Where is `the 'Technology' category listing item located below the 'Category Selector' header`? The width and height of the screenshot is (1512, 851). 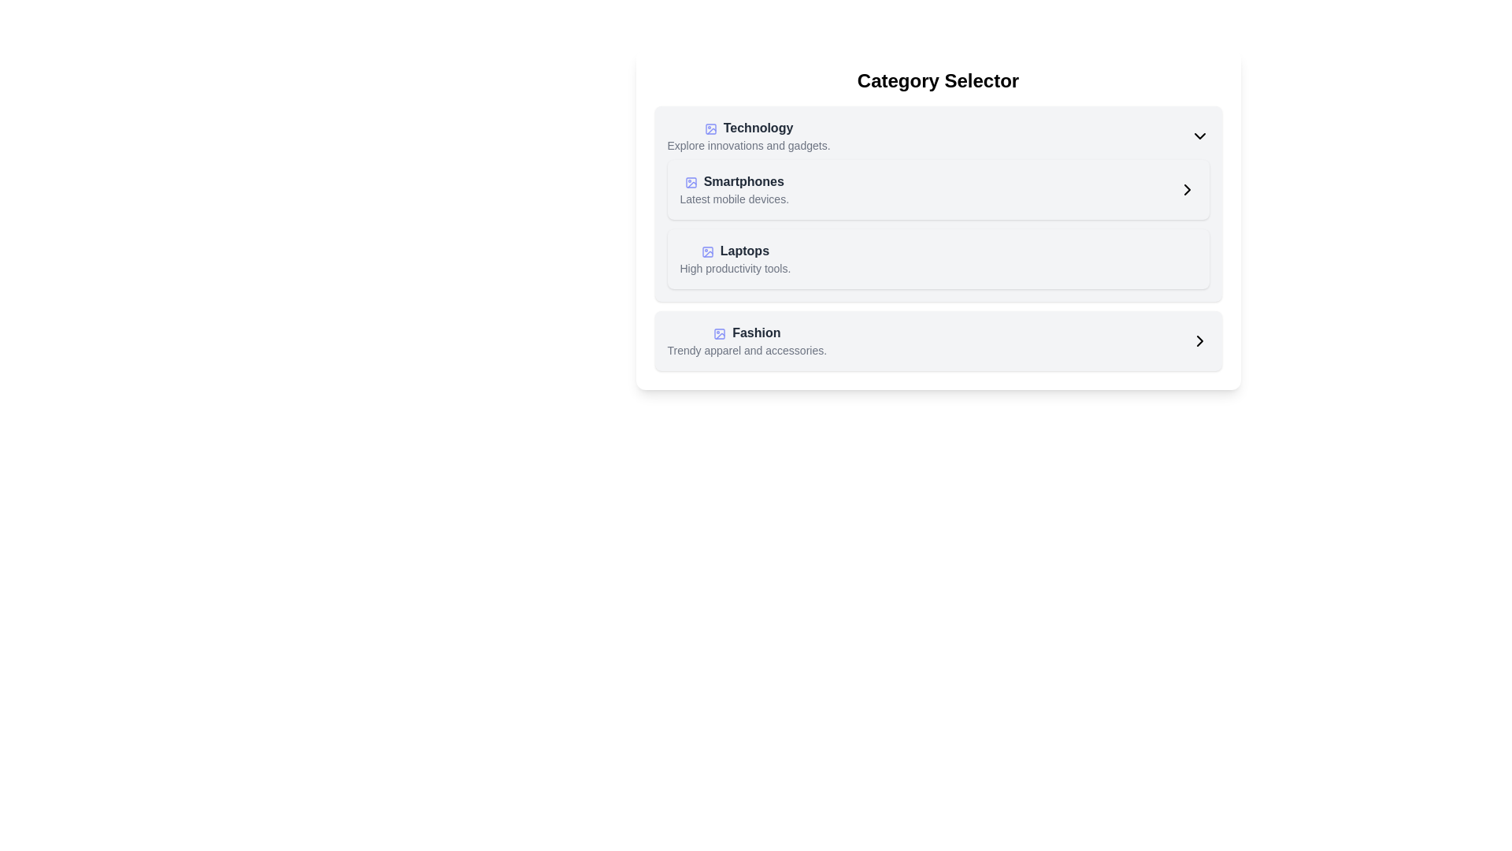 the 'Technology' category listing item located below the 'Category Selector' header is located at coordinates (747, 136).